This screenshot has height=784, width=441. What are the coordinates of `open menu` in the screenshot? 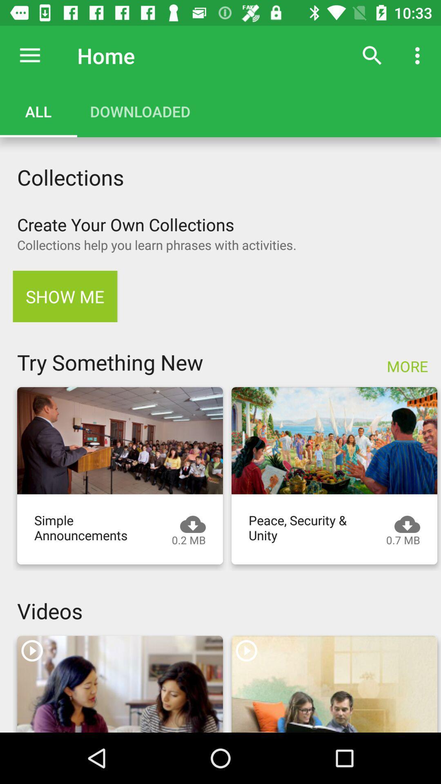 It's located at (29, 55).